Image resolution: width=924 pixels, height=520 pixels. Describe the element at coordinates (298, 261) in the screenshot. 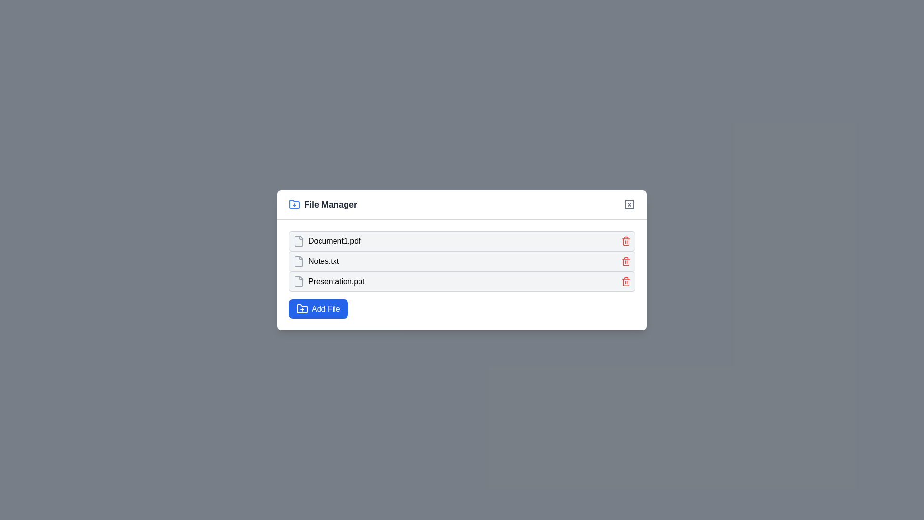

I see `the document icon, which is a graphical representation resembling a file with a folded corner, located to the left of the text 'Notes.txt'` at that location.